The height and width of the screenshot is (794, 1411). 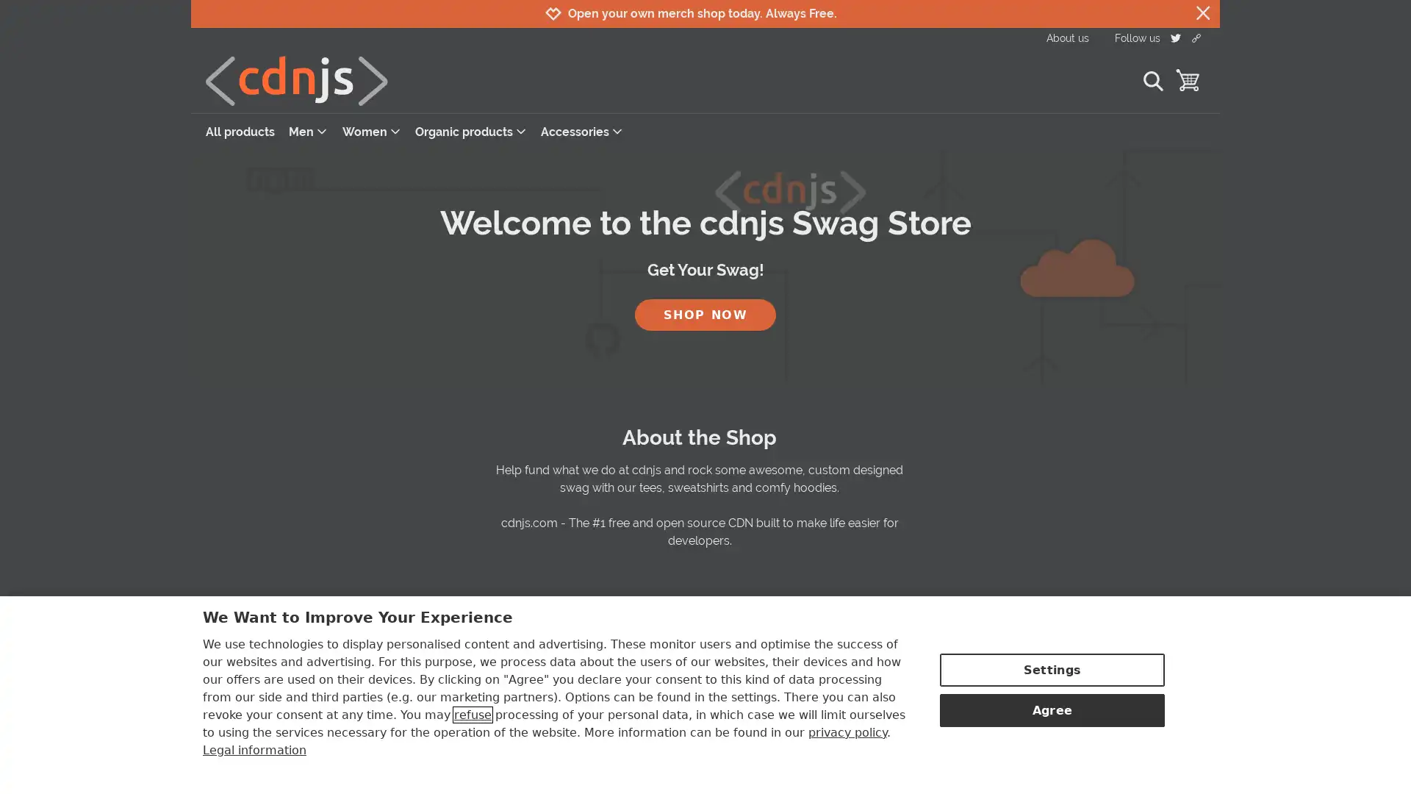 I want to click on Settings, so click(x=1051, y=668).